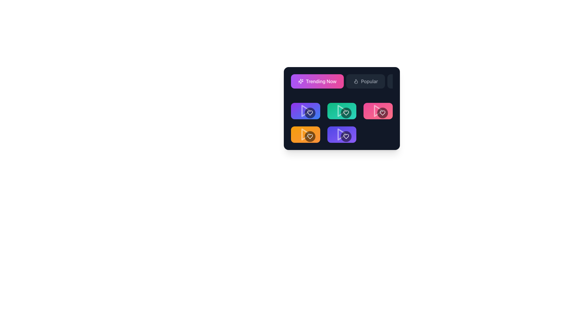  I want to click on the heart-shaped icon located in the sixth card under the 'Trending Now' section, which features a minimal design with a thin stroke outline, so click(346, 136).